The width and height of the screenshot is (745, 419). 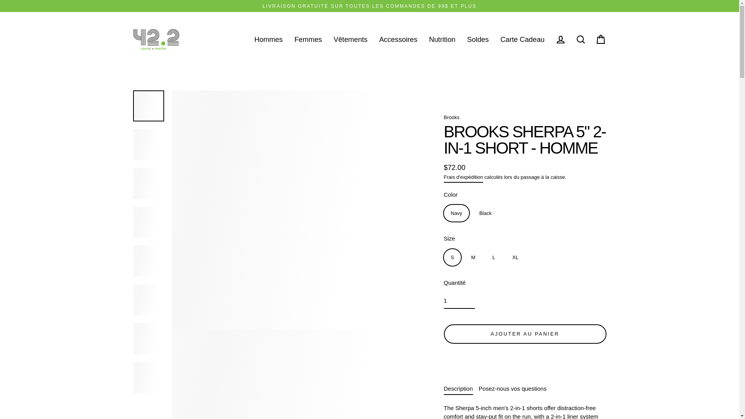 I want to click on 'AJOUTER AU PANIER', so click(x=525, y=333).